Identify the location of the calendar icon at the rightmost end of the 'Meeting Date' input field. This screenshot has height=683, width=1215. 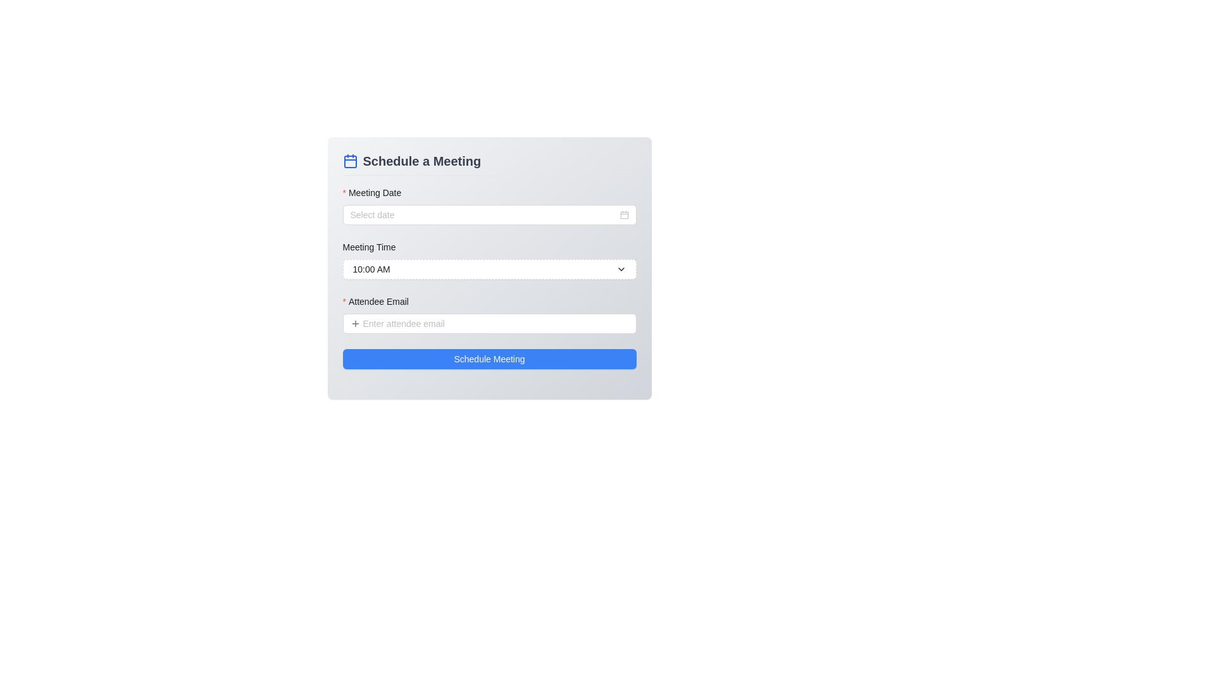
(624, 214).